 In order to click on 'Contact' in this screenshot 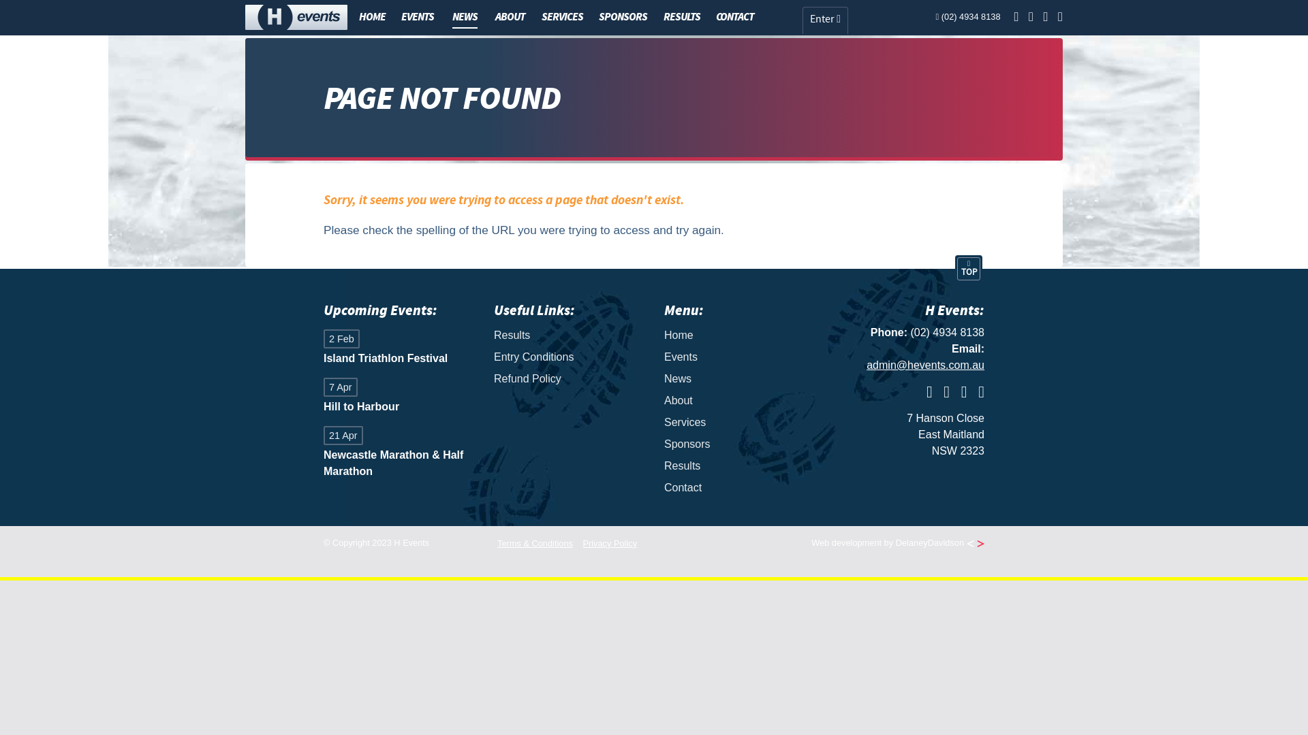, I will do `click(664, 487)`.